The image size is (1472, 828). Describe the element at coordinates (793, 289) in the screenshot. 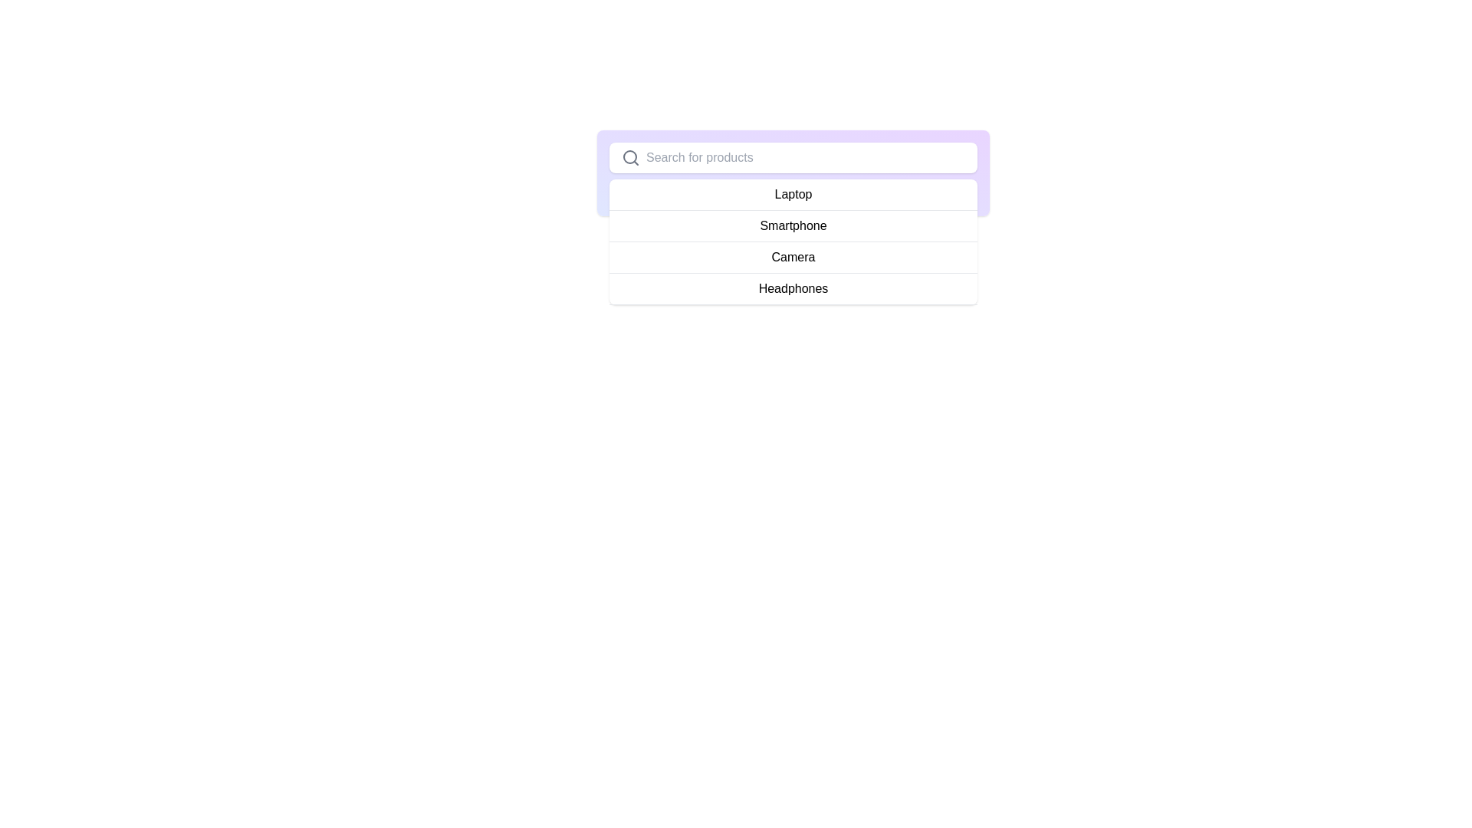

I see `the fourth item in the dropdown list` at that location.